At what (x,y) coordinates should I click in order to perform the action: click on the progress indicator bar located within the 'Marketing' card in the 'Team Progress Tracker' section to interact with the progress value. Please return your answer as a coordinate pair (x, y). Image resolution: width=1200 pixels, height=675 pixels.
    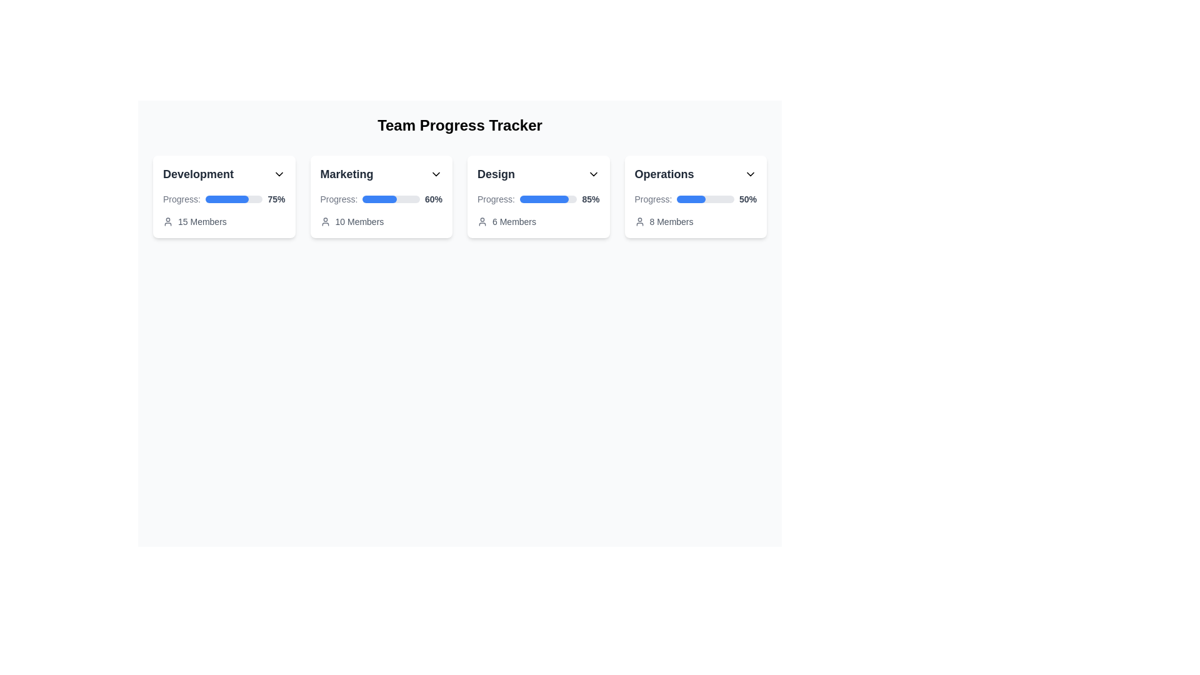
    Looking at the image, I should click on (381, 199).